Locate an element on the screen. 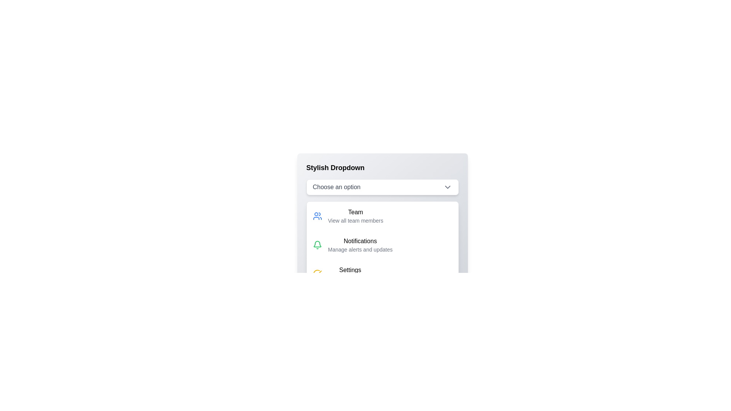 The width and height of the screenshot is (731, 411). on the downward-facing chevron arrow icon, which is styled with a gray color and is positioned at the rightmost edge of the dropdown box titled 'Choose an option' is located at coordinates (447, 187).